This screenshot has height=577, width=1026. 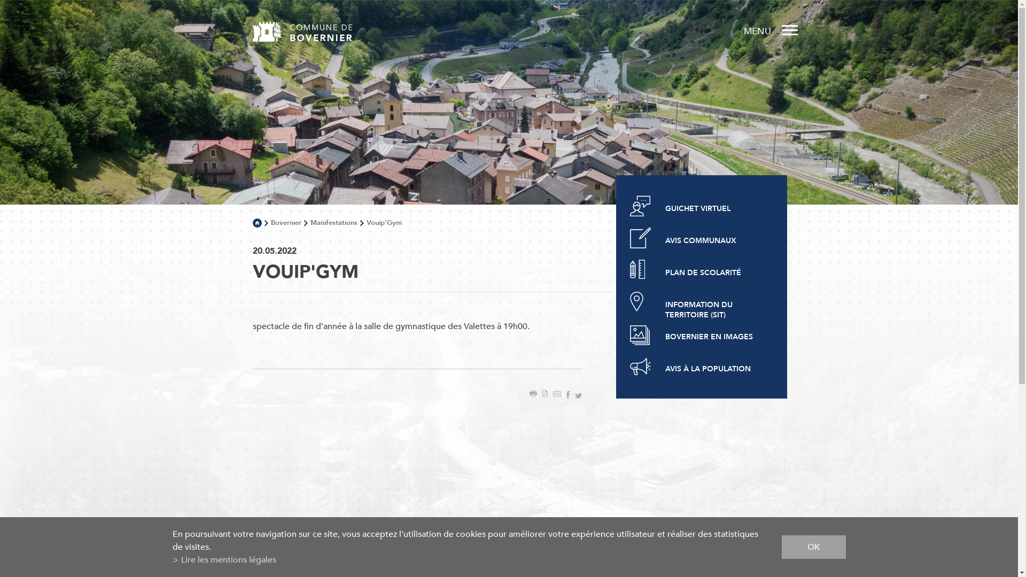 What do you see at coordinates (697, 302) in the screenshot?
I see `'INFORMATION DU TERRITOIRE (SIT)'` at bounding box center [697, 302].